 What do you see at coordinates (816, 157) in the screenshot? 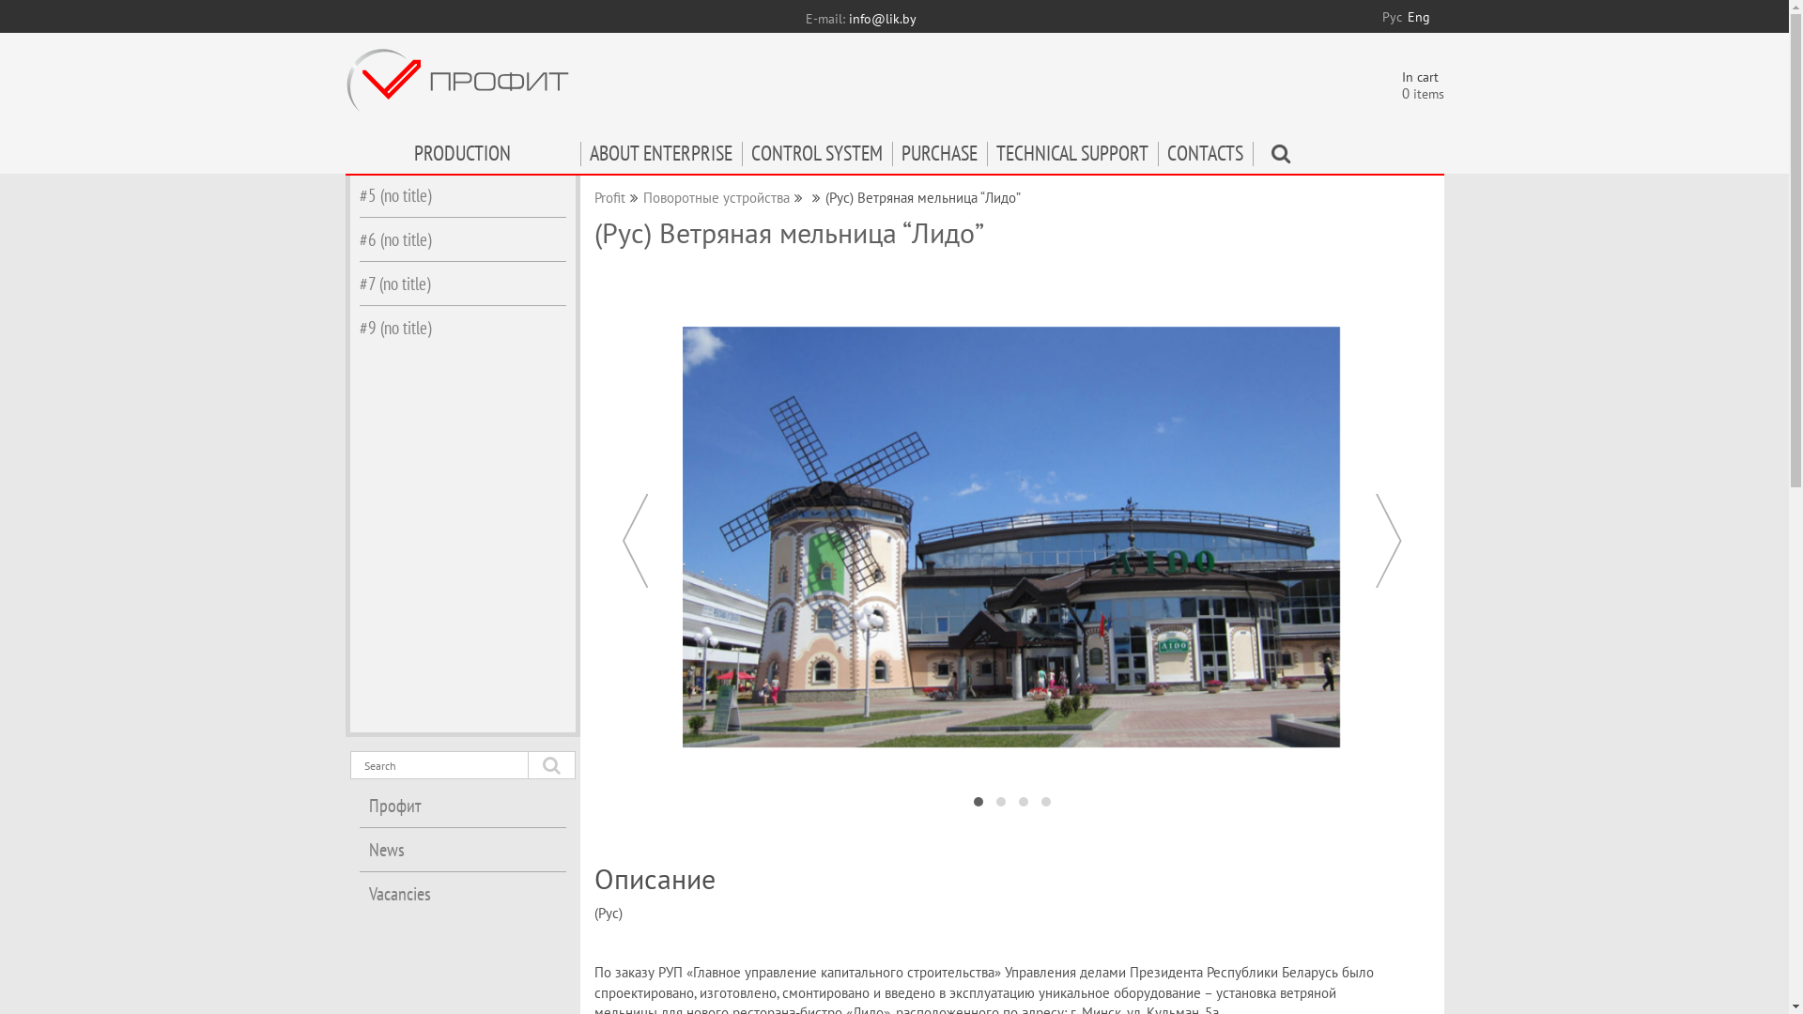
I see `'CONTROL SYSTEM'` at bounding box center [816, 157].